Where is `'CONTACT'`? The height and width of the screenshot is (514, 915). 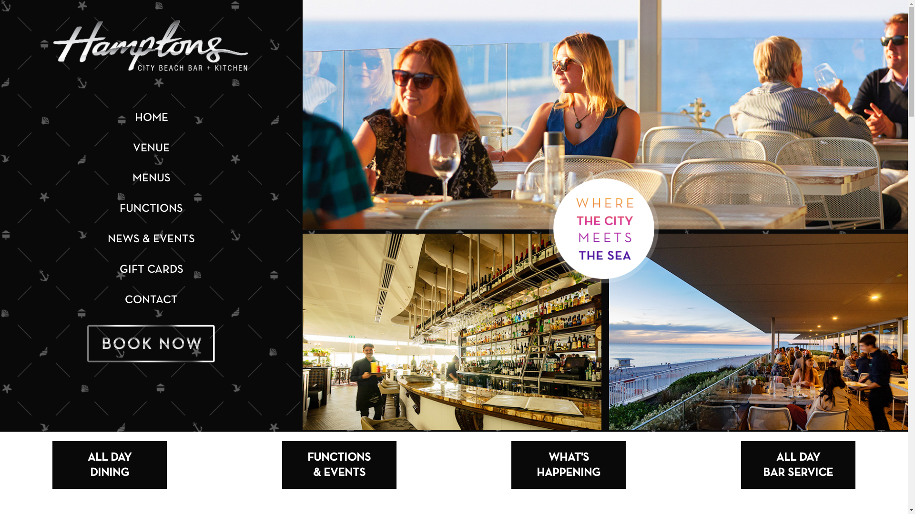
'CONTACT' is located at coordinates (151, 300).